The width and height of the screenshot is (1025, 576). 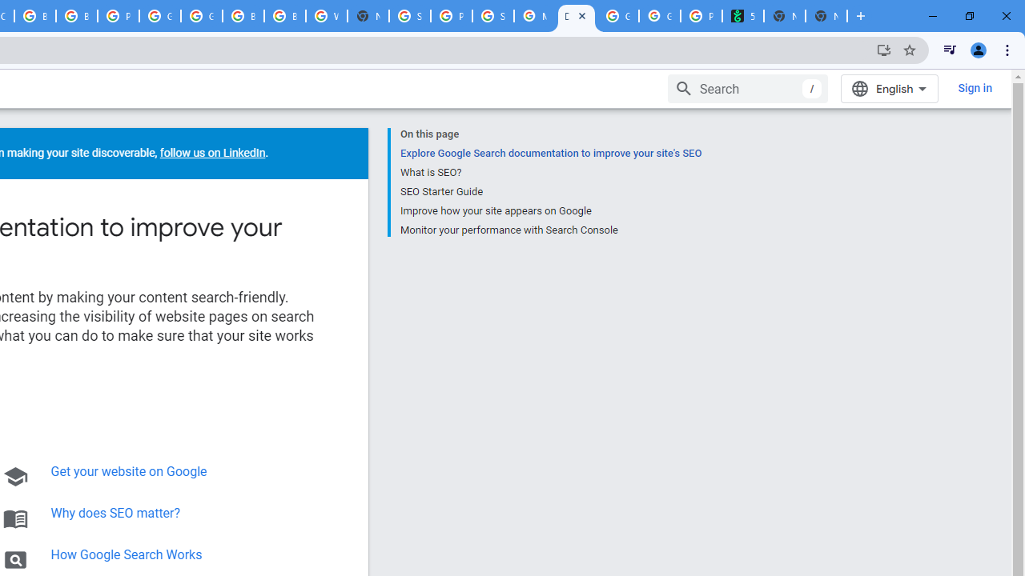 What do you see at coordinates (550, 210) in the screenshot?
I see `'Improve how your site appears on Google'` at bounding box center [550, 210].